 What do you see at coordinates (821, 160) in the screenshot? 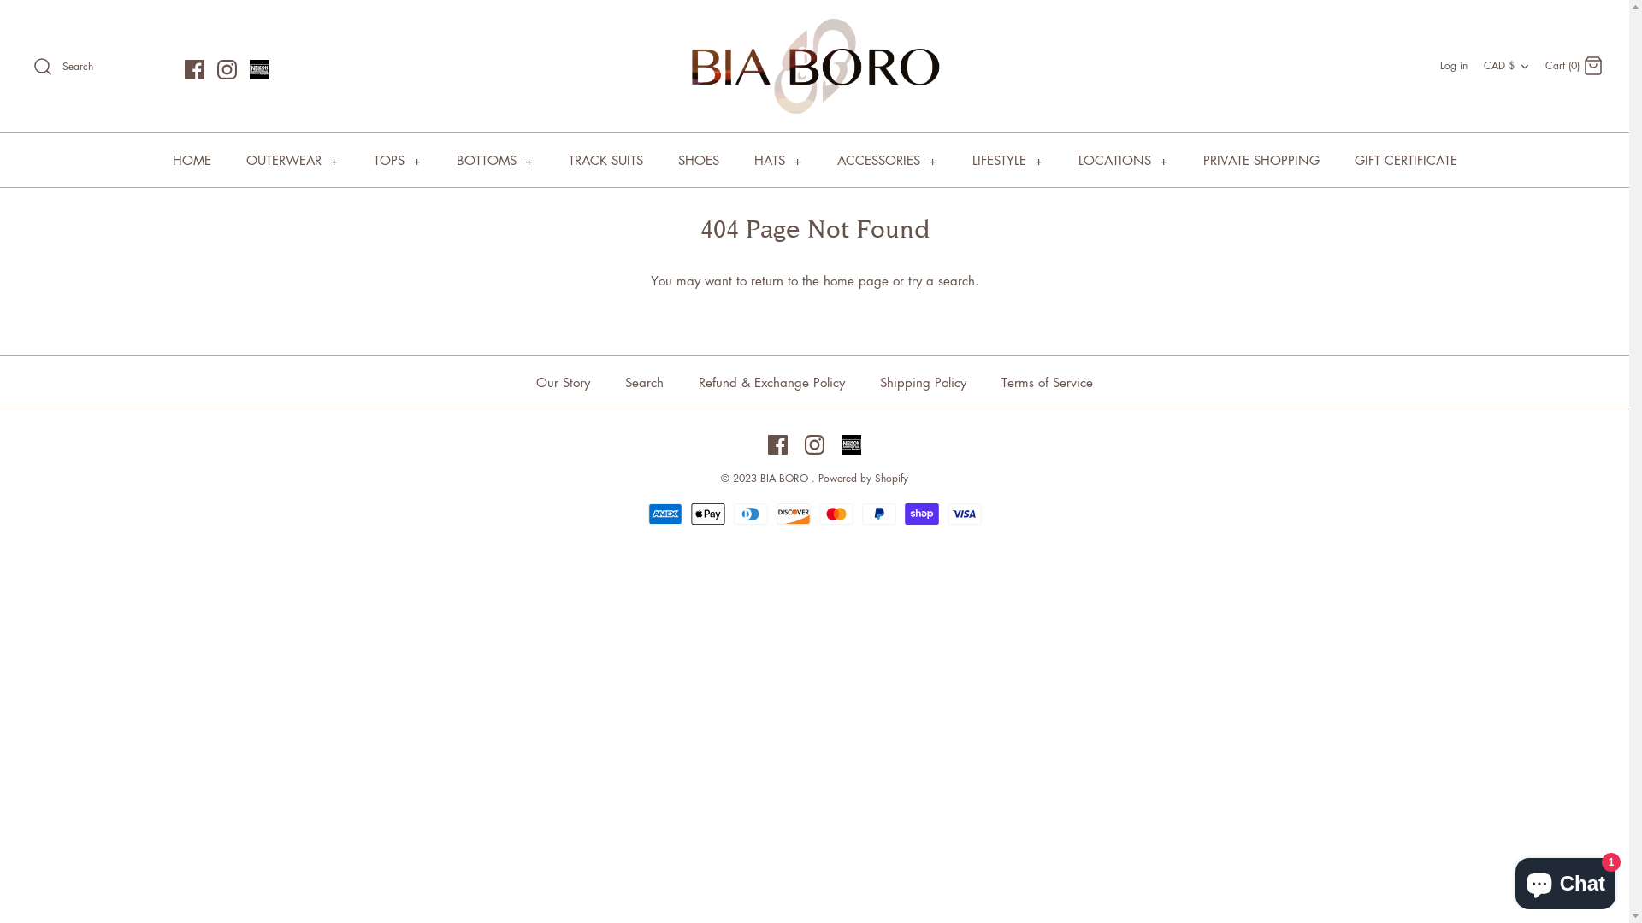
I see `'ACCESSORIES +'` at bounding box center [821, 160].